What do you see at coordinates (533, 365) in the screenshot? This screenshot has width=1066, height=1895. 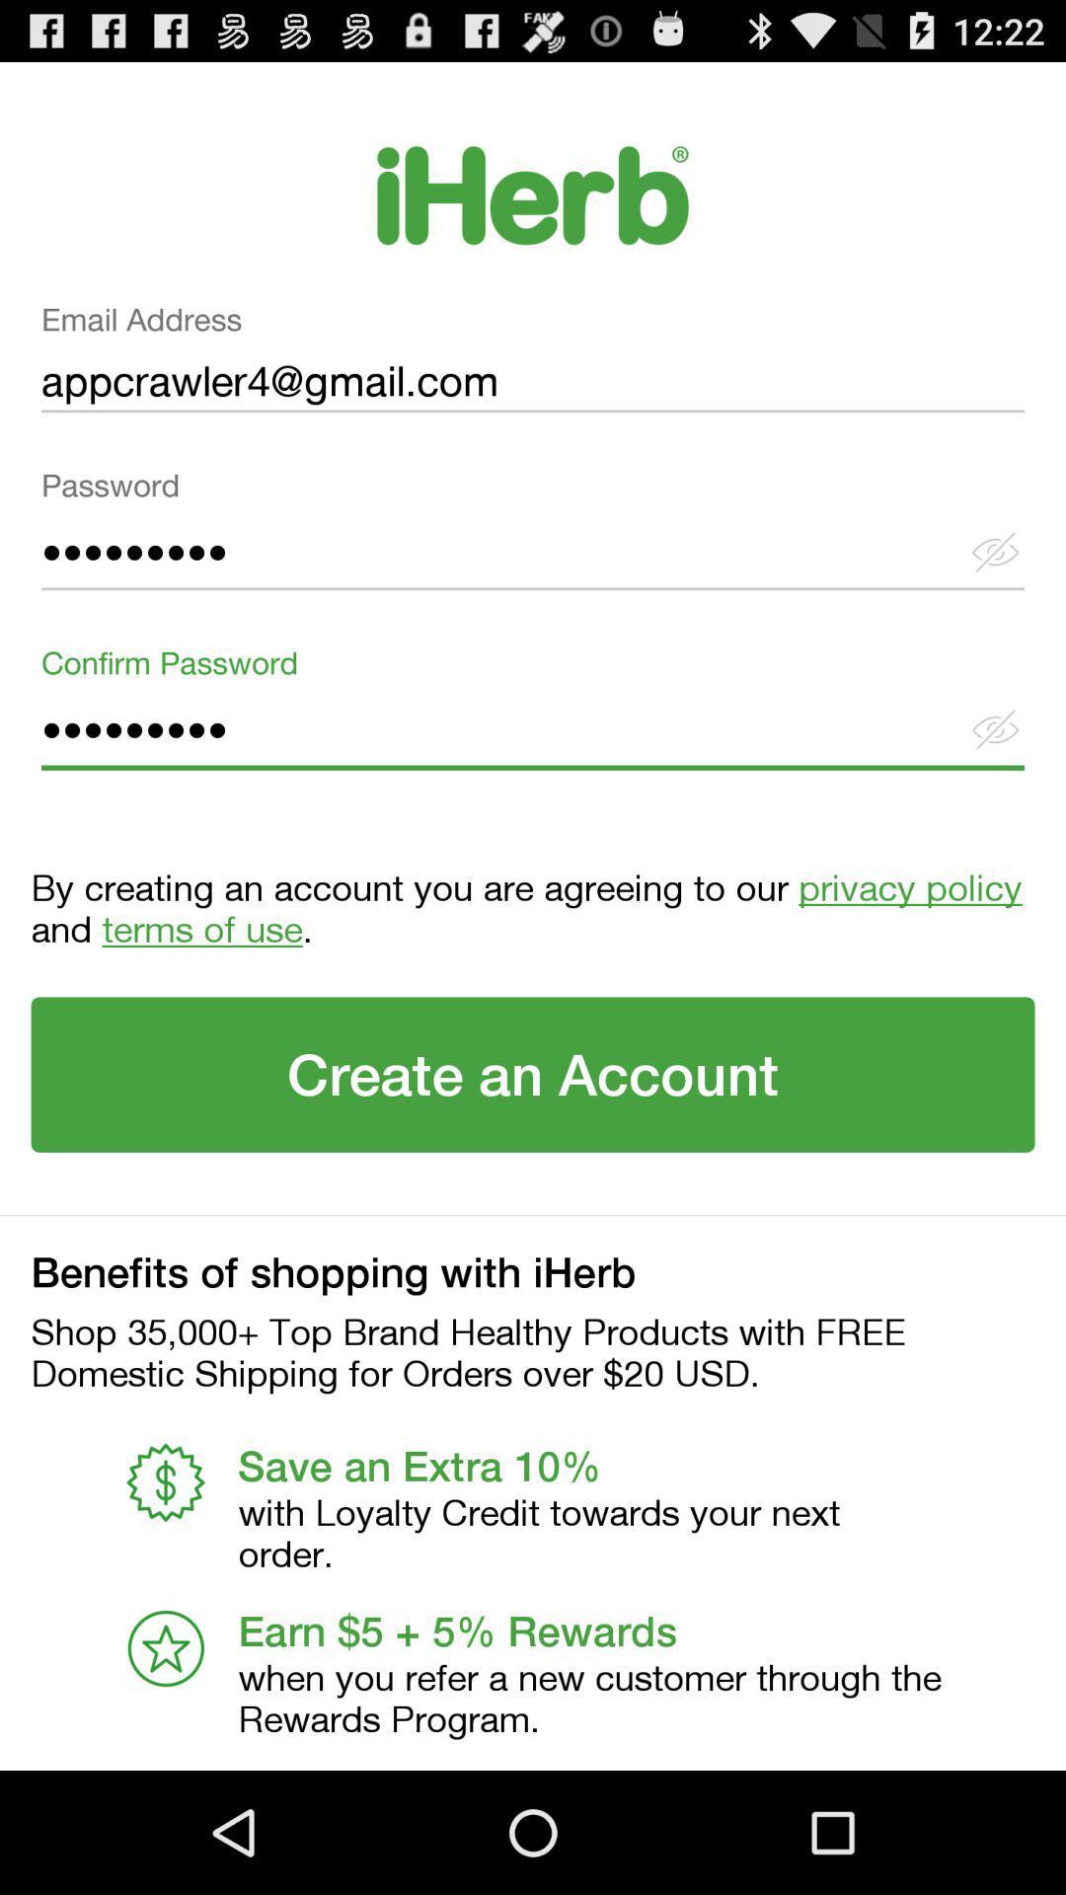 I see `the text search below the text iherb` at bounding box center [533, 365].